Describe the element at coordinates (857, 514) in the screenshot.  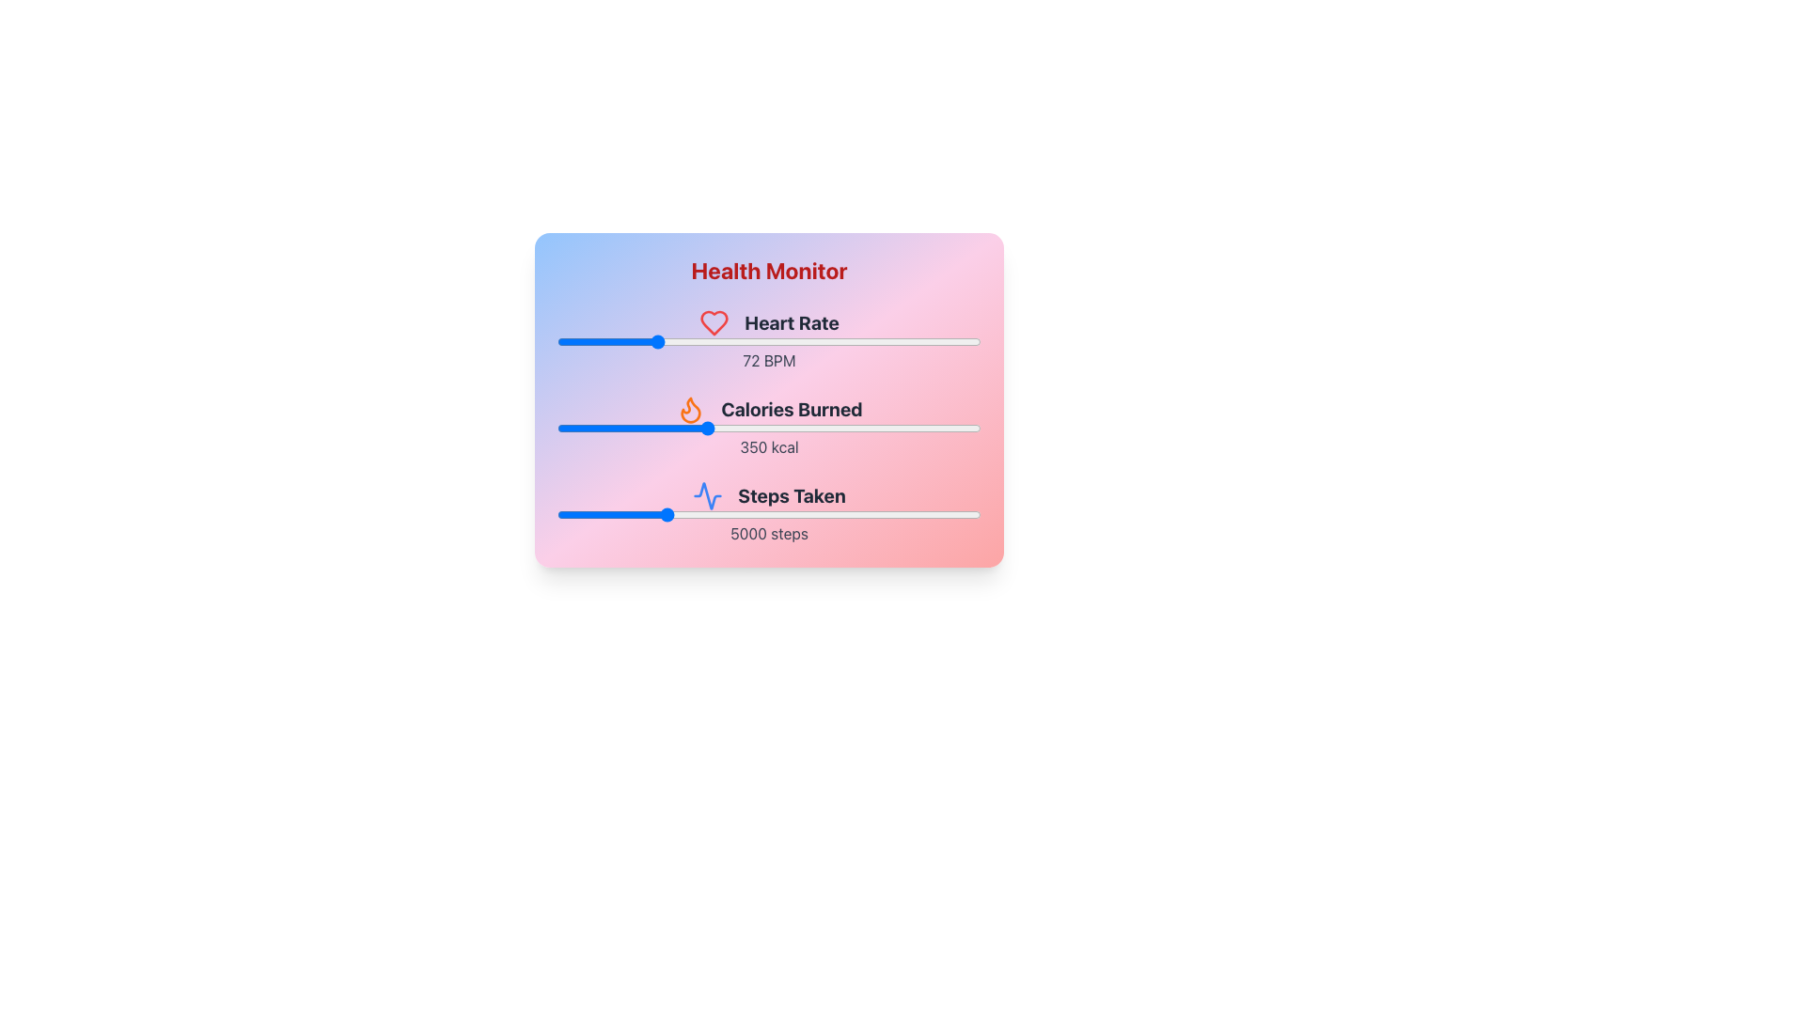
I see `the step count` at that location.